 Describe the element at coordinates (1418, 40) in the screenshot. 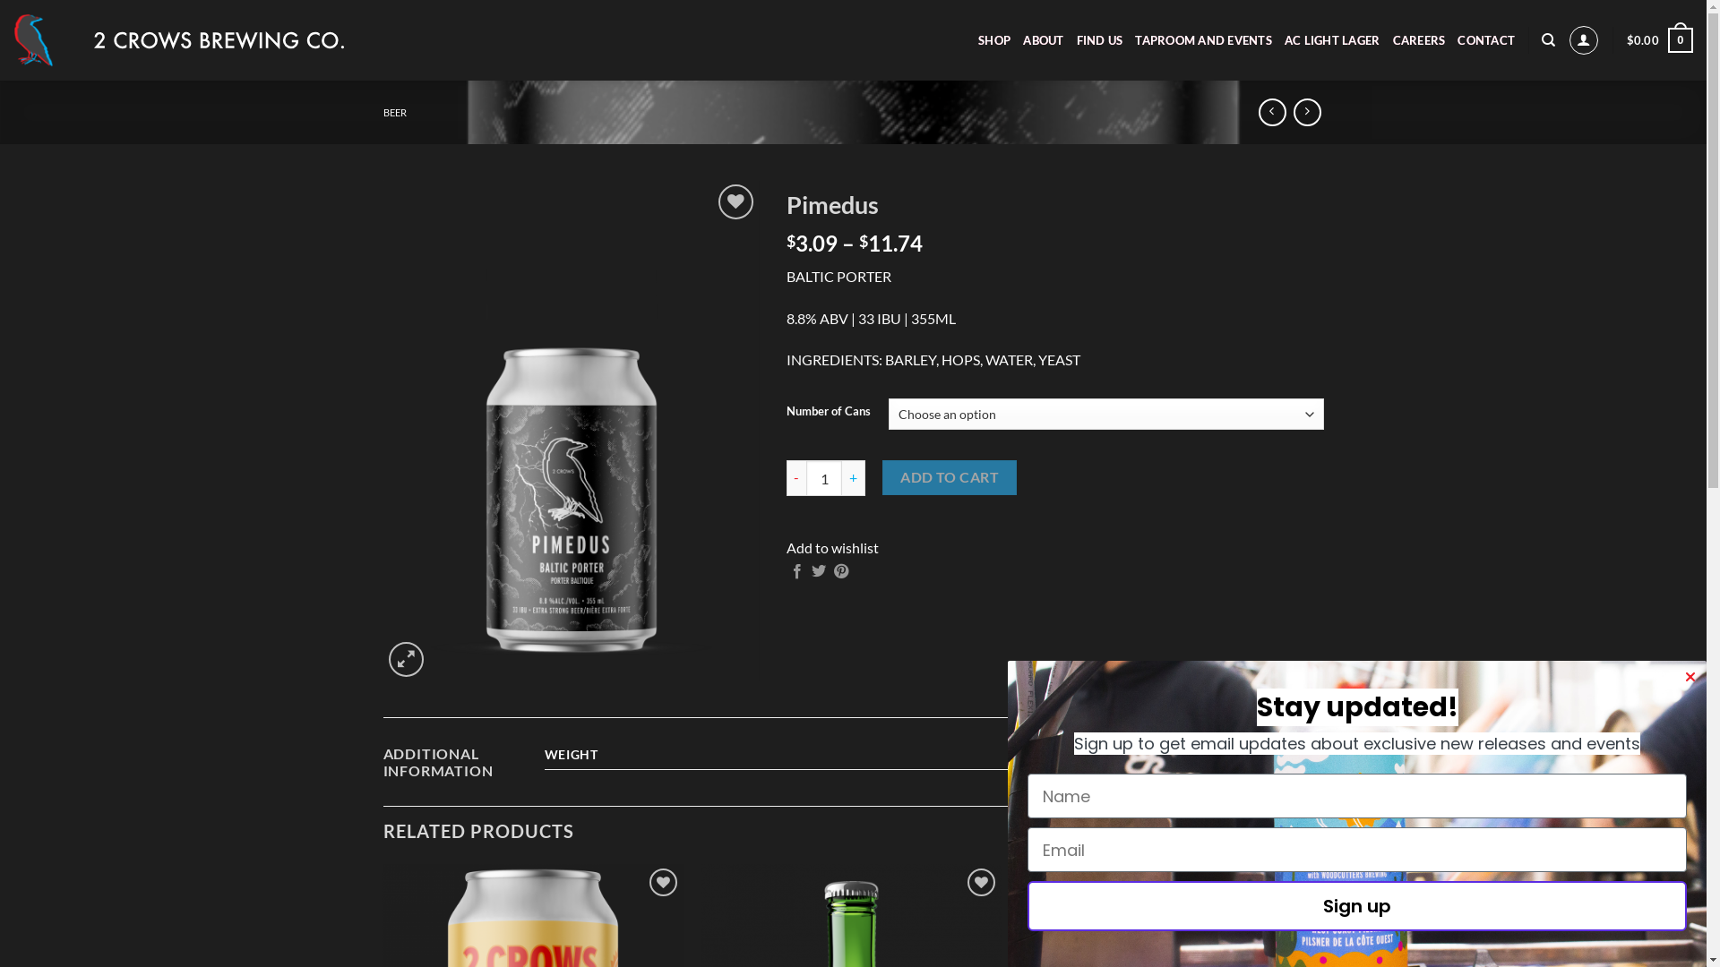

I see `'CAREERS'` at that location.